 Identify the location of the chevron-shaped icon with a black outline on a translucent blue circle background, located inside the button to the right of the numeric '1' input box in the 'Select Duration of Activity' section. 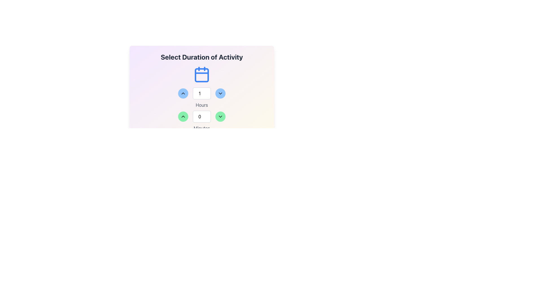
(220, 93).